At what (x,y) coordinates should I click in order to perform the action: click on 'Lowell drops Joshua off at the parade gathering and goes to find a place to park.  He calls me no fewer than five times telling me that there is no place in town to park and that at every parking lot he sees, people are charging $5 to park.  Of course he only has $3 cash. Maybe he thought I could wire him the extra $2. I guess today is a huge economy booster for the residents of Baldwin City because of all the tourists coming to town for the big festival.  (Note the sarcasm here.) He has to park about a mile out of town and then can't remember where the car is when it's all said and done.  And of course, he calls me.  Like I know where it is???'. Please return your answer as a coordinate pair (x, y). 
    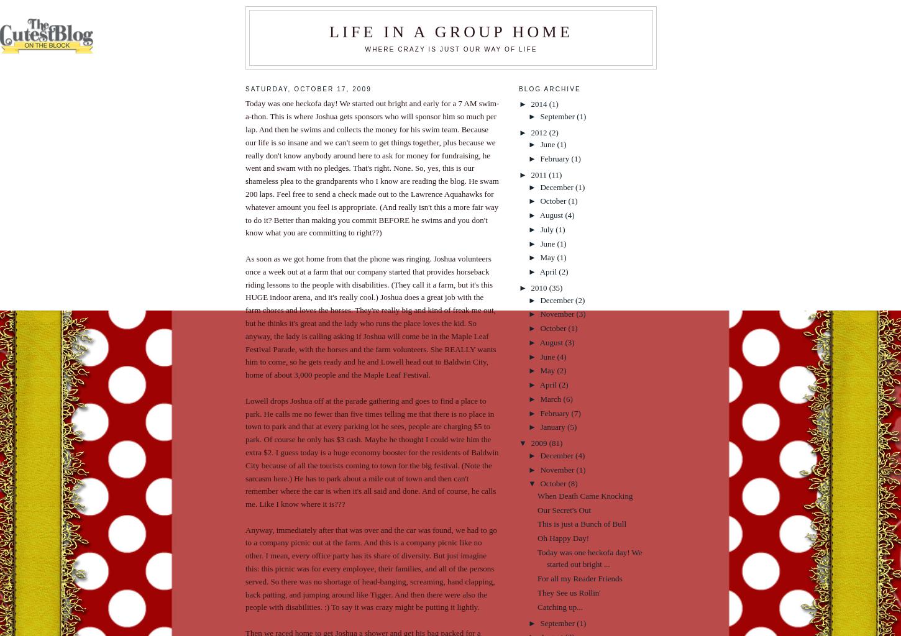
    Looking at the image, I should click on (372, 451).